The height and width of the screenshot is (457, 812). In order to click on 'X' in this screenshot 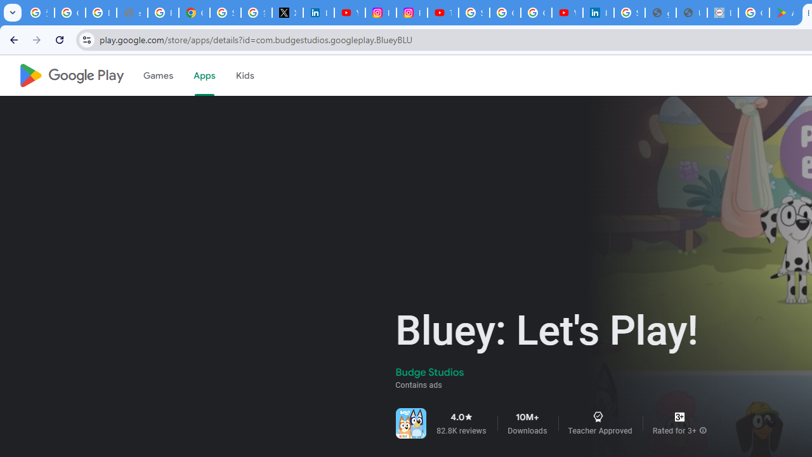, I will do `click(287, 13)`.